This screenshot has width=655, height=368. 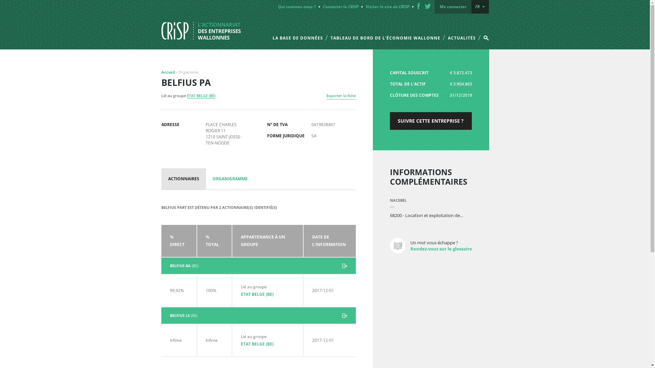 What do you see at coordinates (468, 32) in the screenshot?
I see `'Rechercher'` at bounding box center [468, 32].